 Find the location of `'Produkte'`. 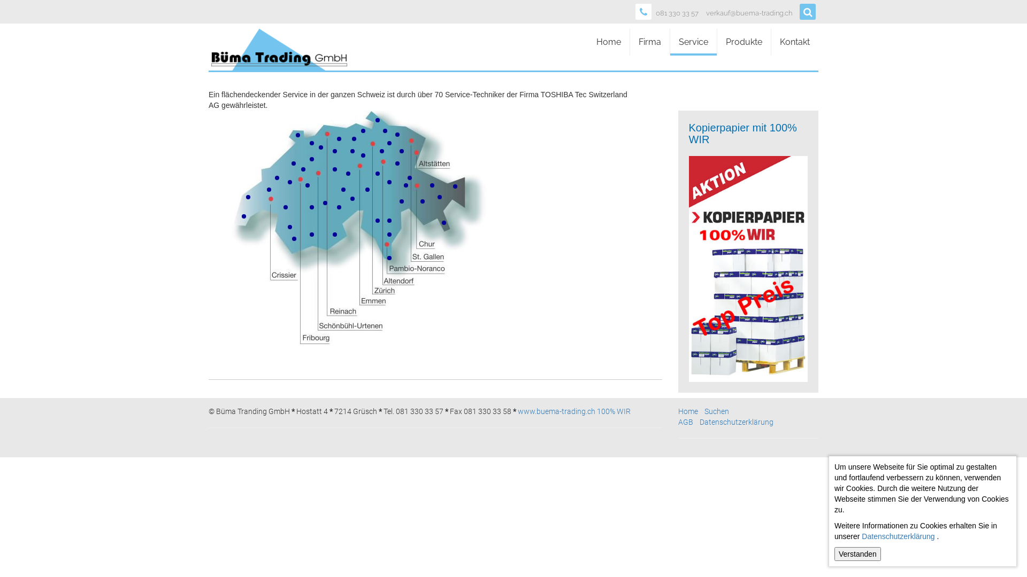

'Produkte' is located at coordinates (744, 41).